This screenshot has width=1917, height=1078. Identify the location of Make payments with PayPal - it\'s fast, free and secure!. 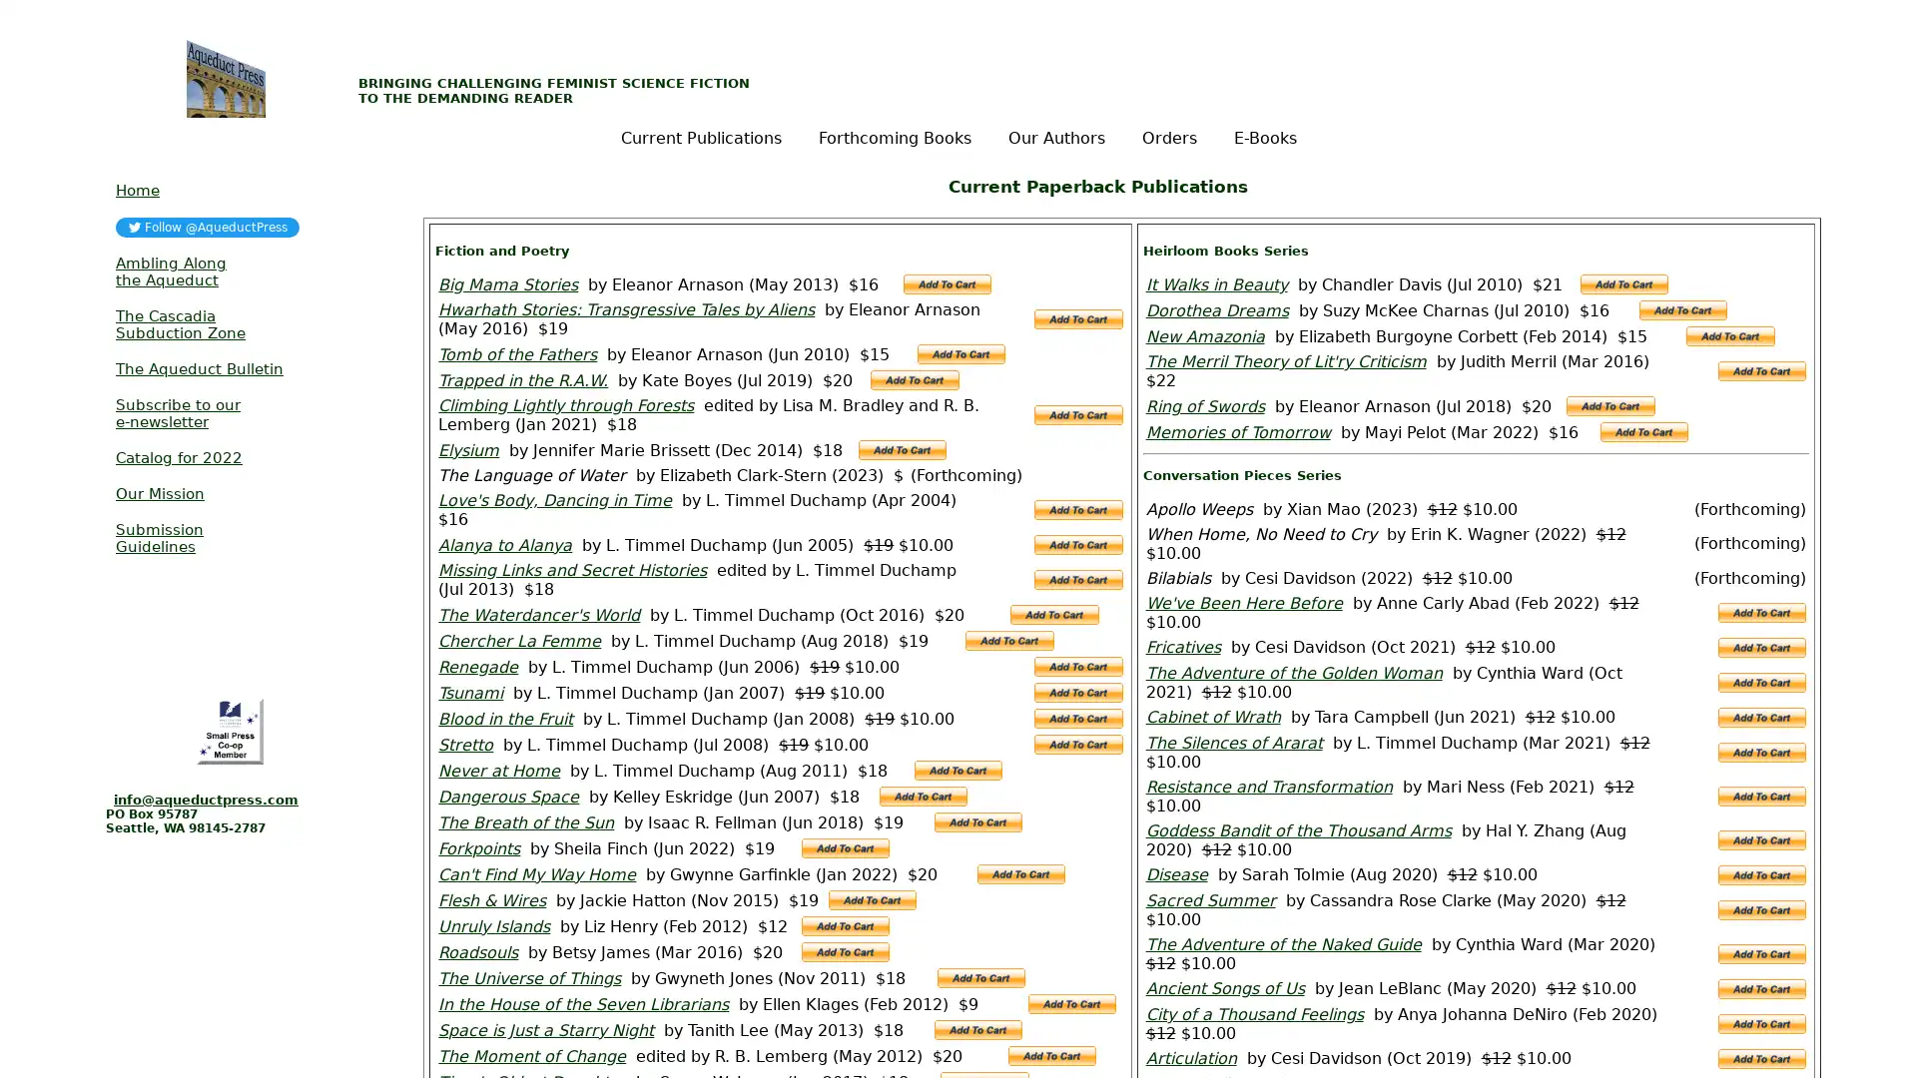
(1761, 680).